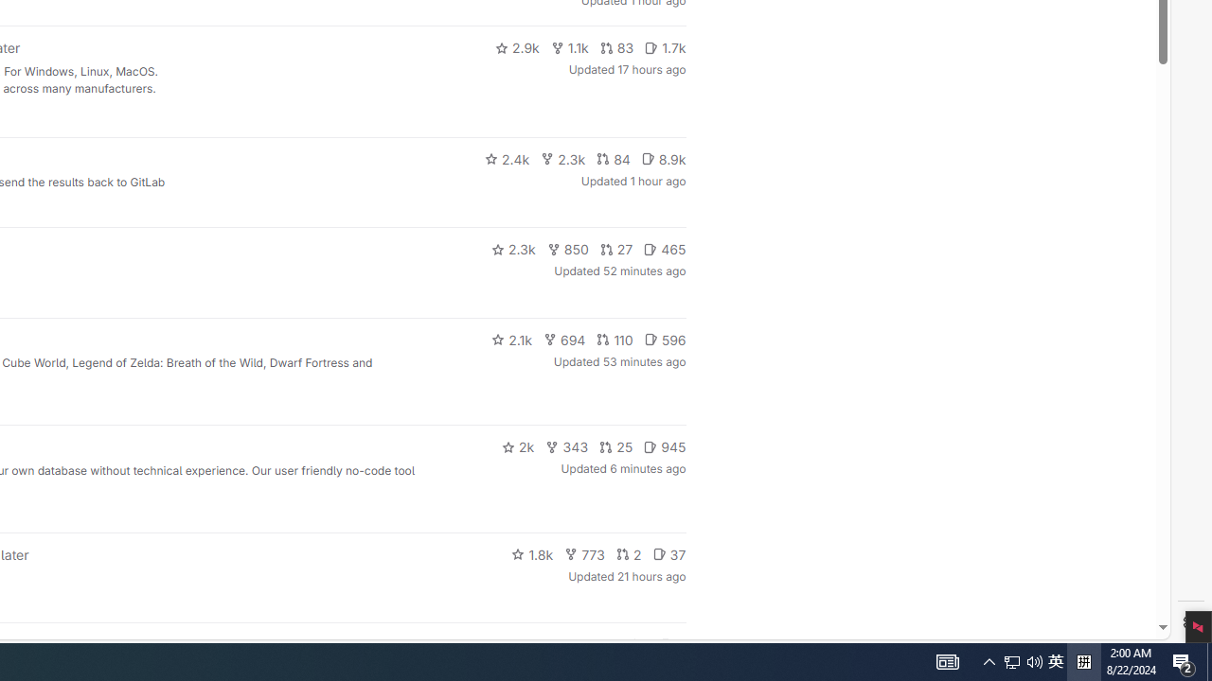 The image size is (1212, 681). Describe the element at coordinates (513, 248) in the screenshot. I see `'2.3k'` at that location.